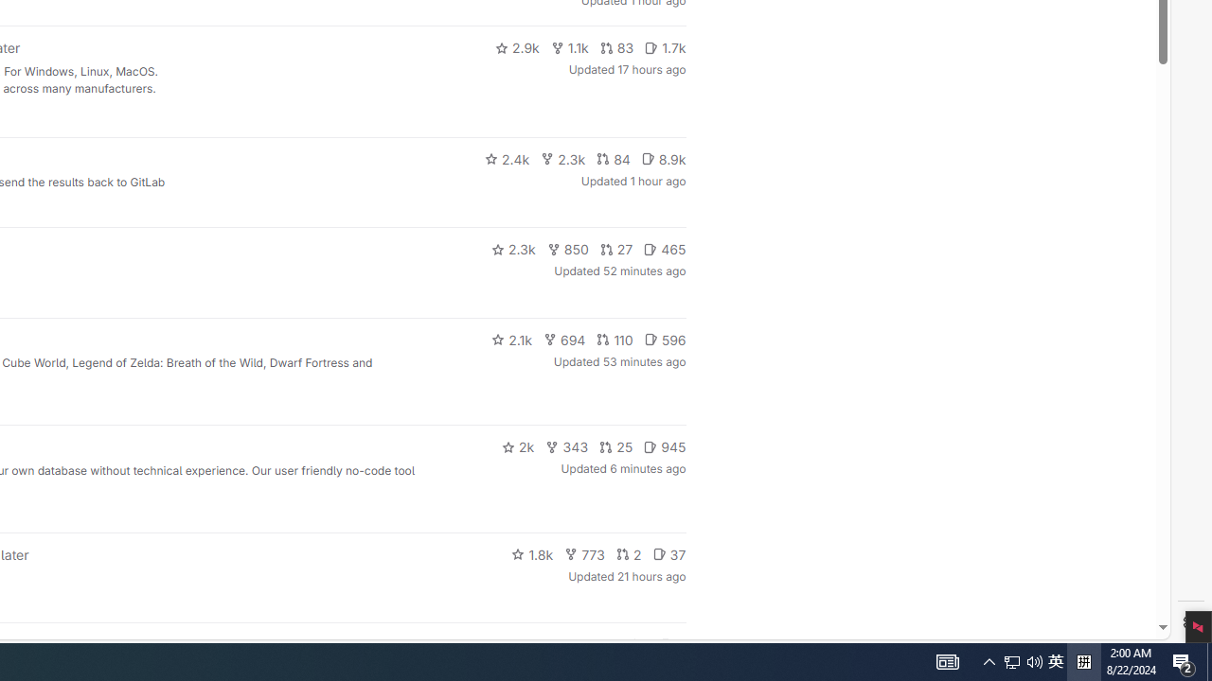 The image size is (1212, 681). Describe the element at coordinates (513, 248) in the screenshot. I see `'2.3k'` at that location.